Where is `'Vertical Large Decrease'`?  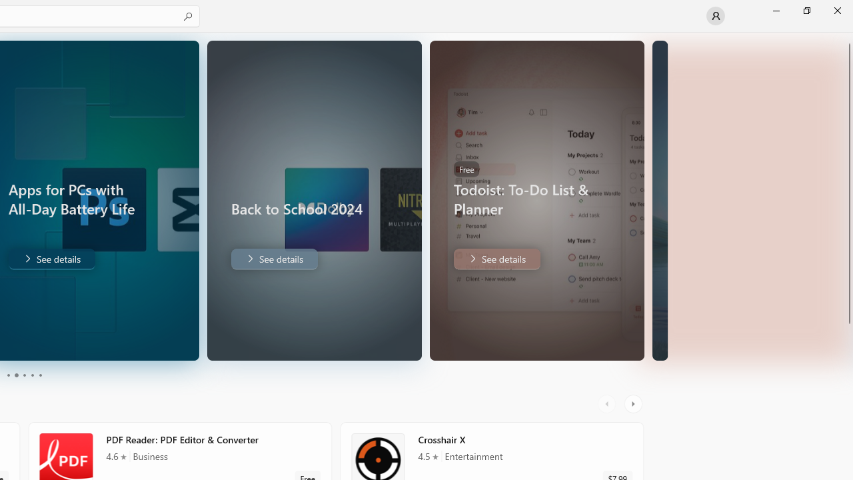 'Vertical Large Decrease' is located at coordinates (847, 168).